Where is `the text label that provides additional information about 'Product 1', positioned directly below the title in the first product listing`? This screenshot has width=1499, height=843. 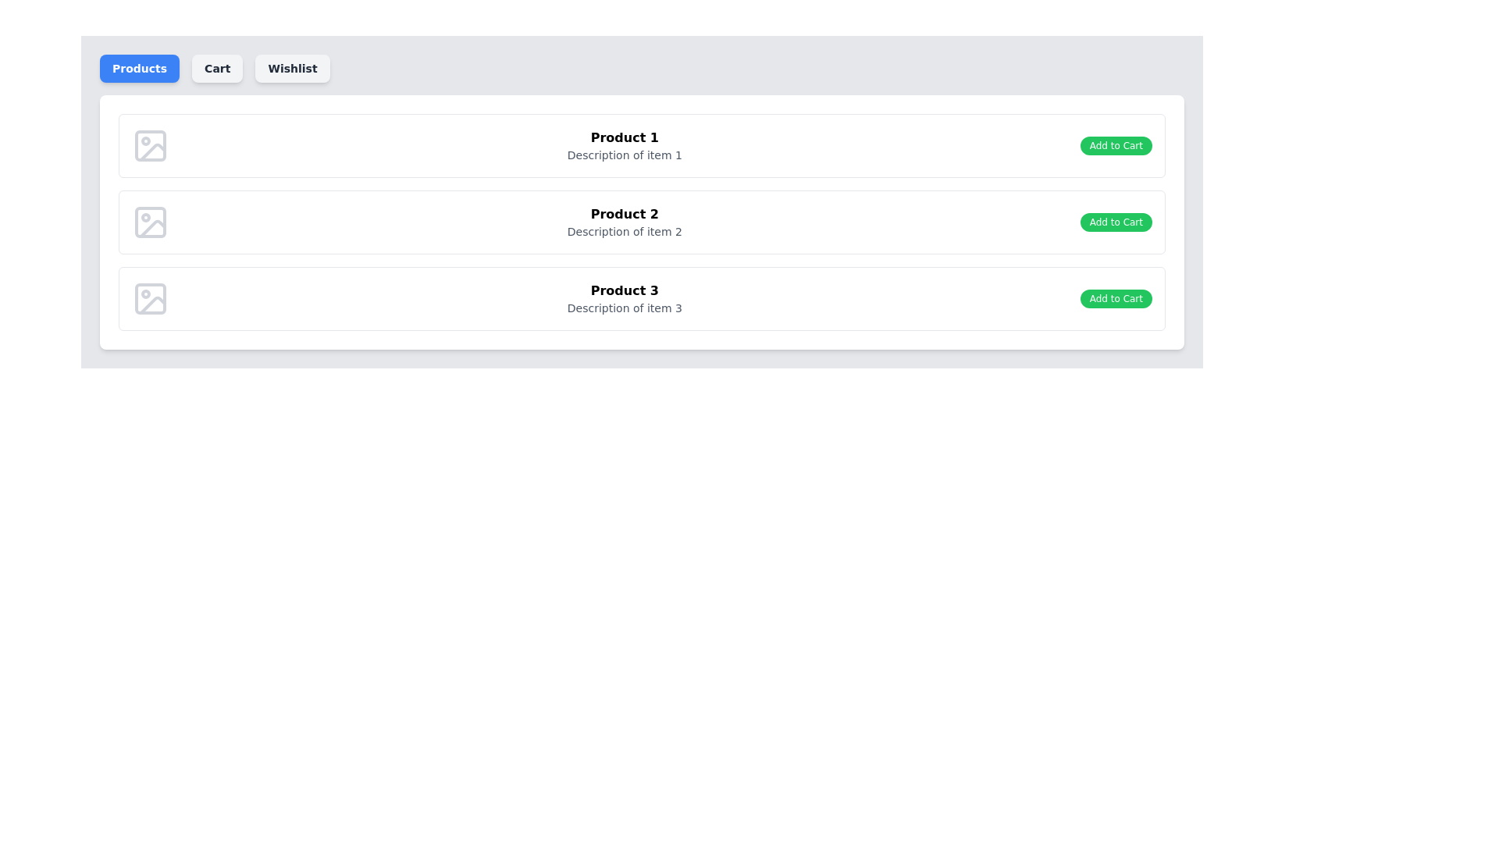
the text label that provides additional information about 'Product 1', positioned directly below the title in the first product listing is located at coordinates (625, 155).